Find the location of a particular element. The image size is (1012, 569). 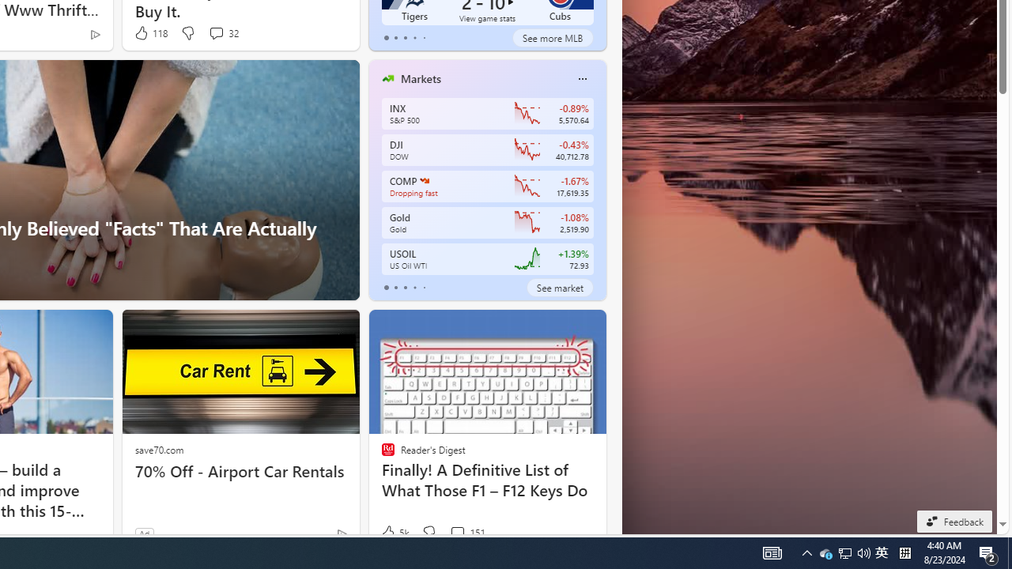

'118 Like' is located at coordinates (150, 33).